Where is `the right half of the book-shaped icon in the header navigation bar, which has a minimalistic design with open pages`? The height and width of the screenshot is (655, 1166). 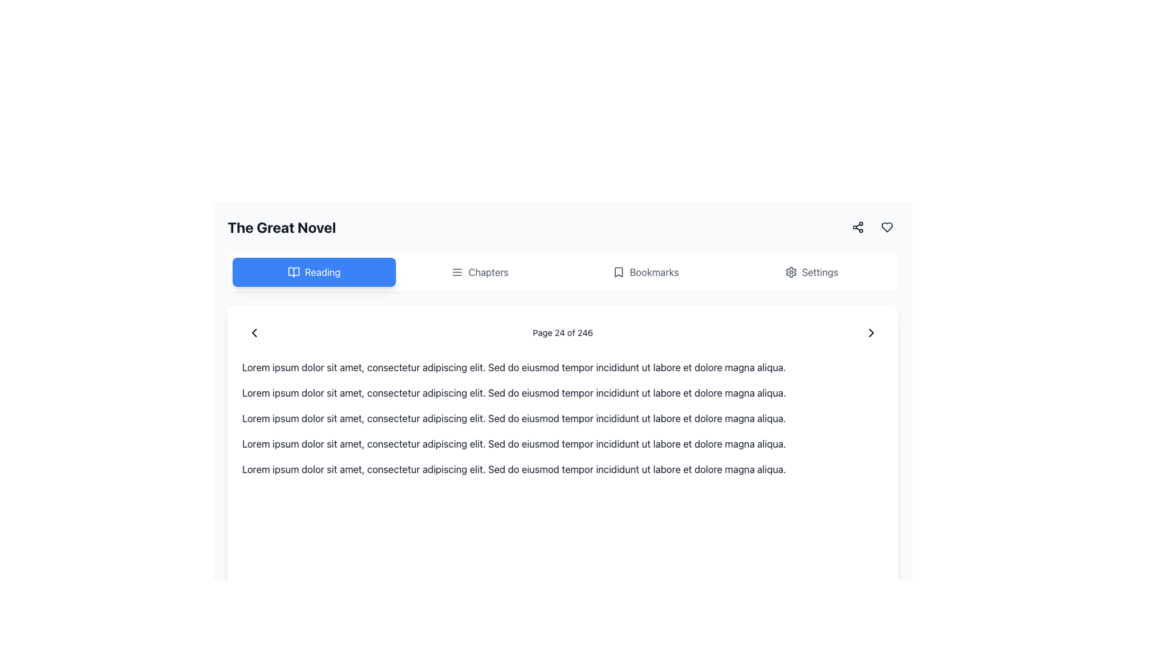 the right half of the book-shaped icon in the header navigation bar, which has a minimalistic design with open pages is located at coordinates (294, 271).